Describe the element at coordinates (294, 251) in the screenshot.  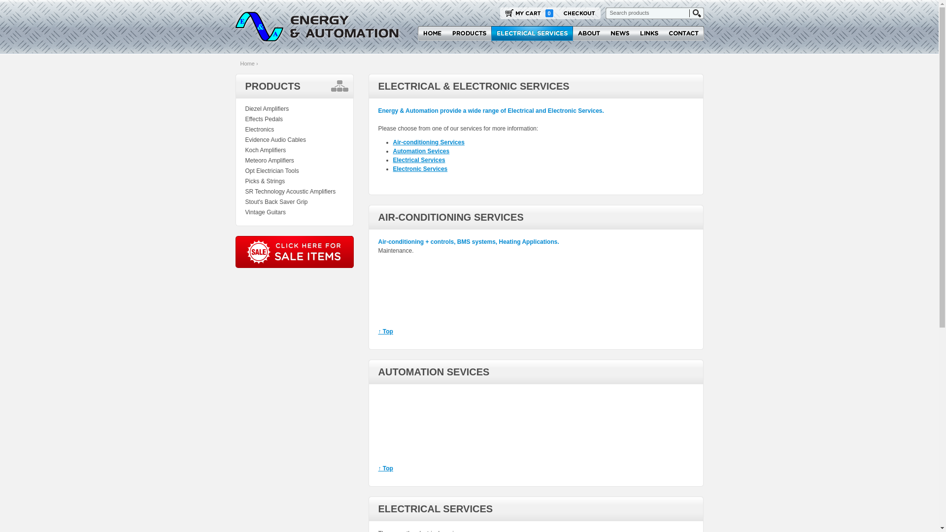
I see `'Energy & Automation Sale Items'` at that location.